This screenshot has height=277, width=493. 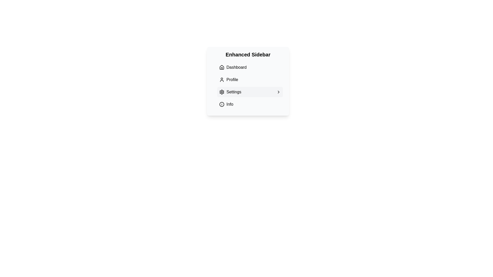 What do you see at coordinates (250, 104) in the screenshot?
I see `the informational button located at the bottom of the 'Enhanced Sidebar', which is the fourth item in the list` at bounding box center [250, 104].